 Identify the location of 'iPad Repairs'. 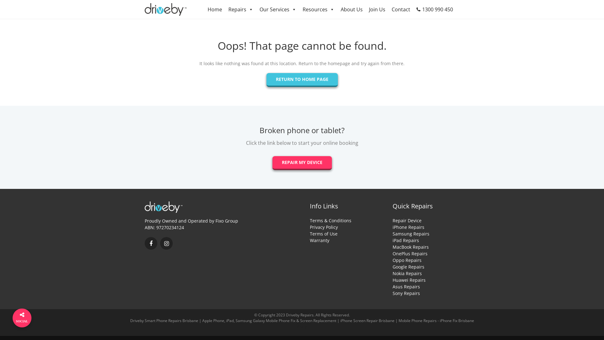
(406, 240).